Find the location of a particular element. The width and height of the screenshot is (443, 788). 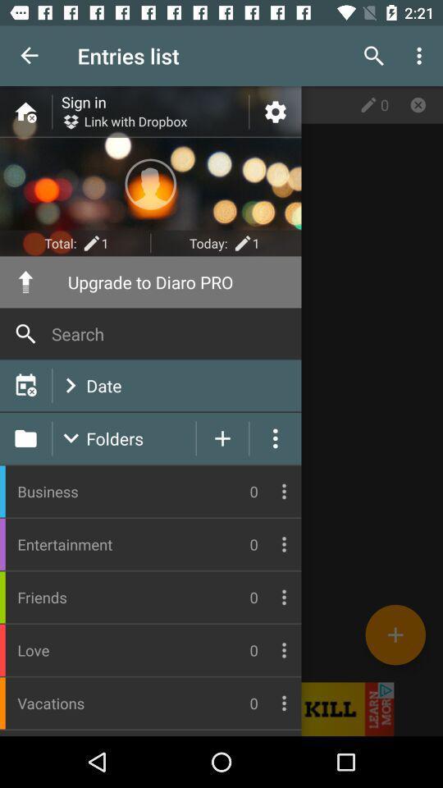

the add icon is located at coordinates (395, 634).